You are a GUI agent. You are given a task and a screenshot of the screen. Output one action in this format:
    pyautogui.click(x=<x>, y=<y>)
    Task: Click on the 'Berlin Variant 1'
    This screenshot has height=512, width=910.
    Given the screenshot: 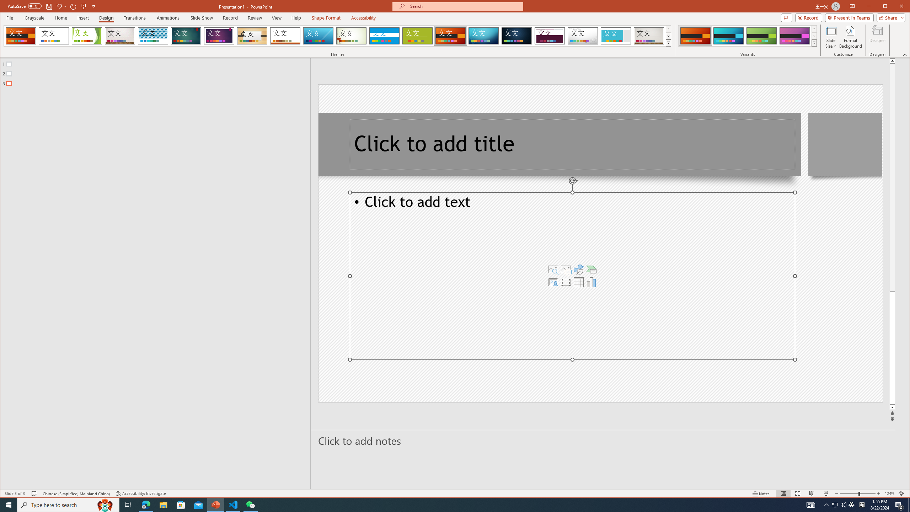 What is the action you would take?
    pyautogui.click(x=695, y=36)
    